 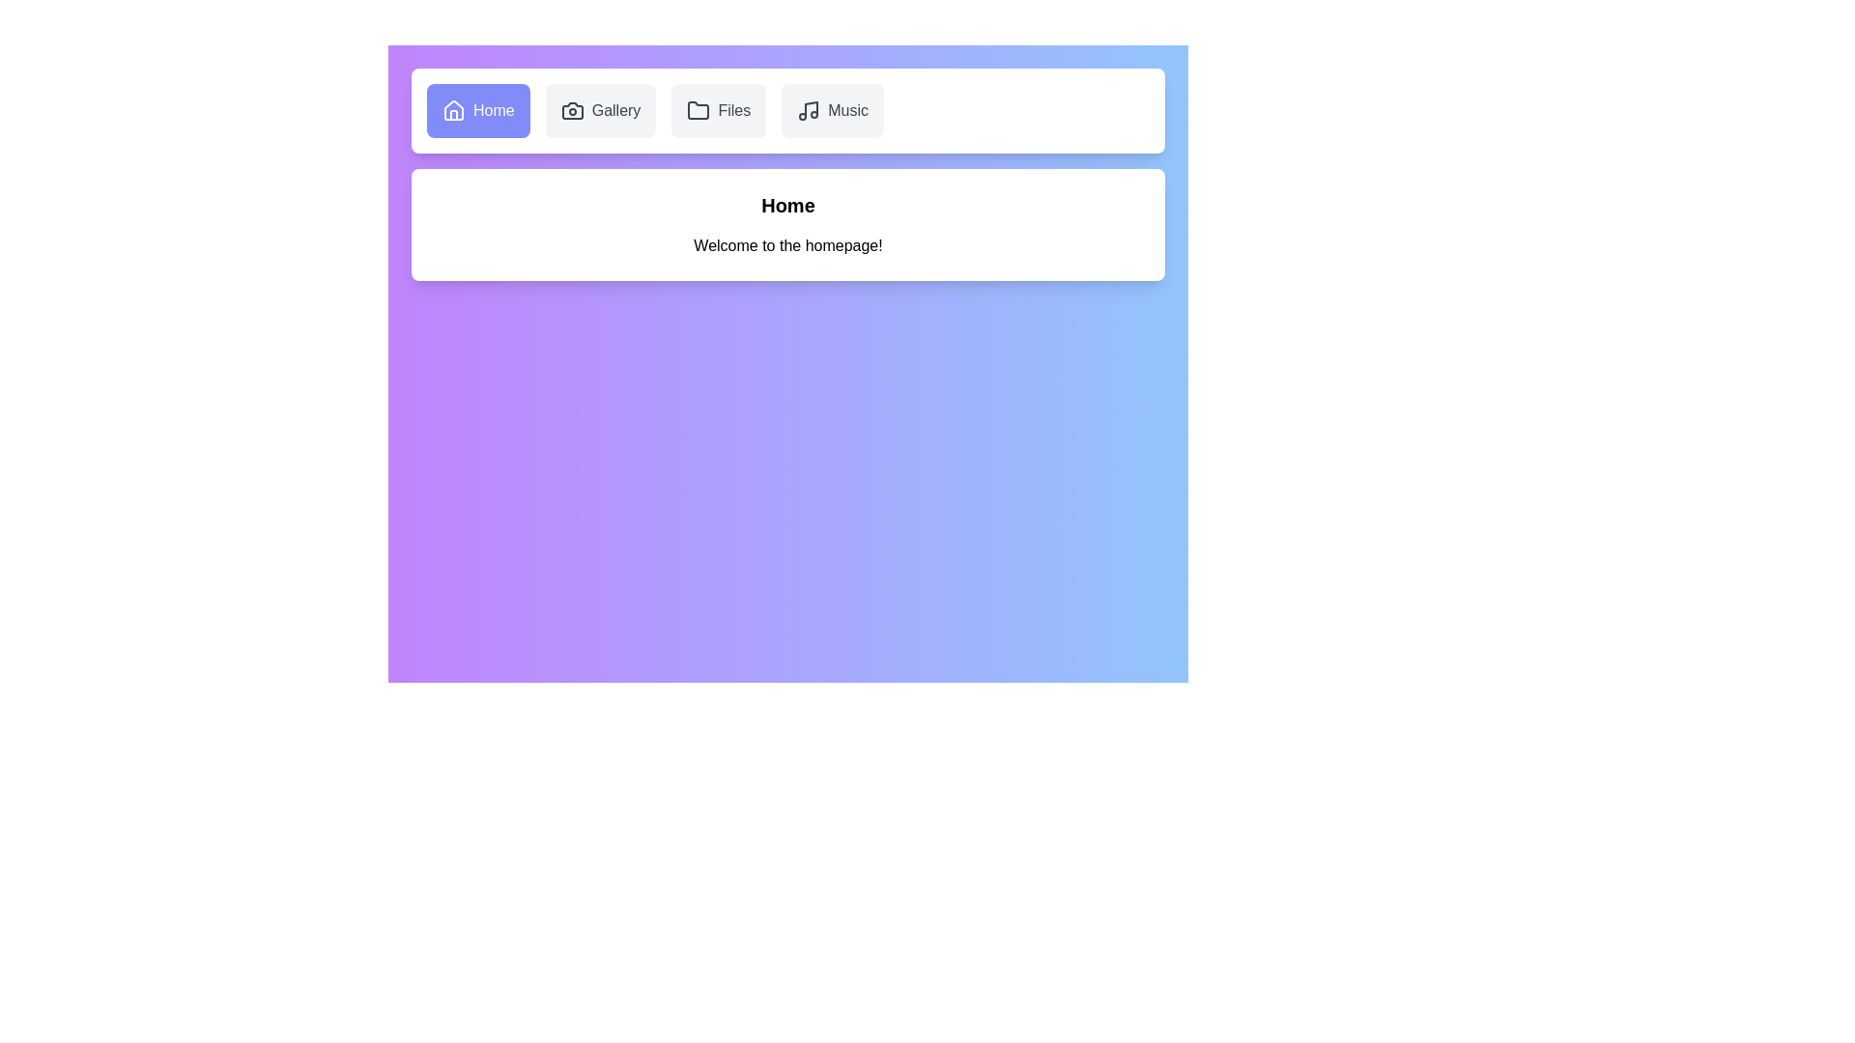 I want to click on the Files tab by clicking on it, so click(x=718, y=111).